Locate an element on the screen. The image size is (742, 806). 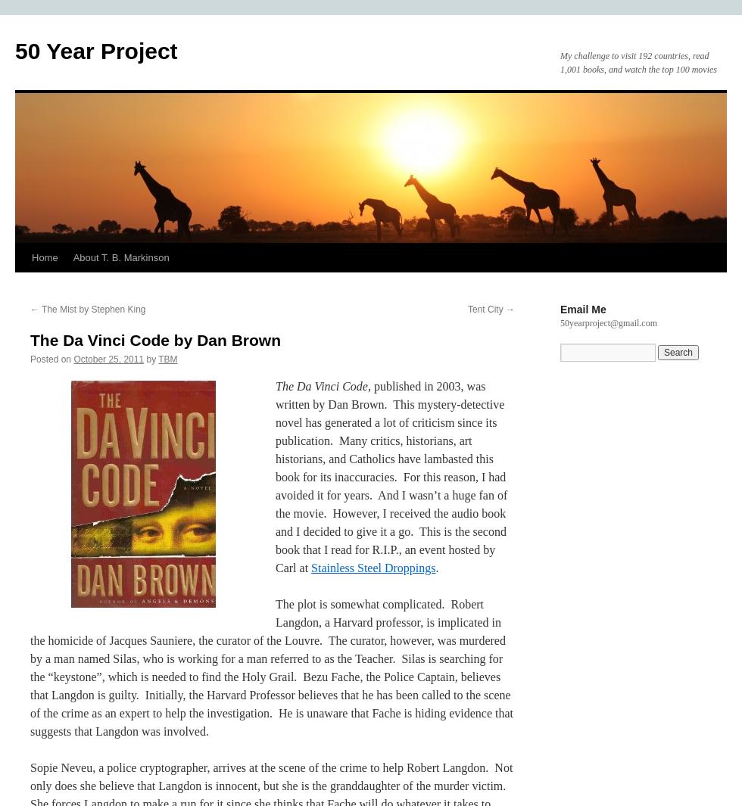
'The Da Vinci Code by Dan Brown' is located at coordinates (155, 339).